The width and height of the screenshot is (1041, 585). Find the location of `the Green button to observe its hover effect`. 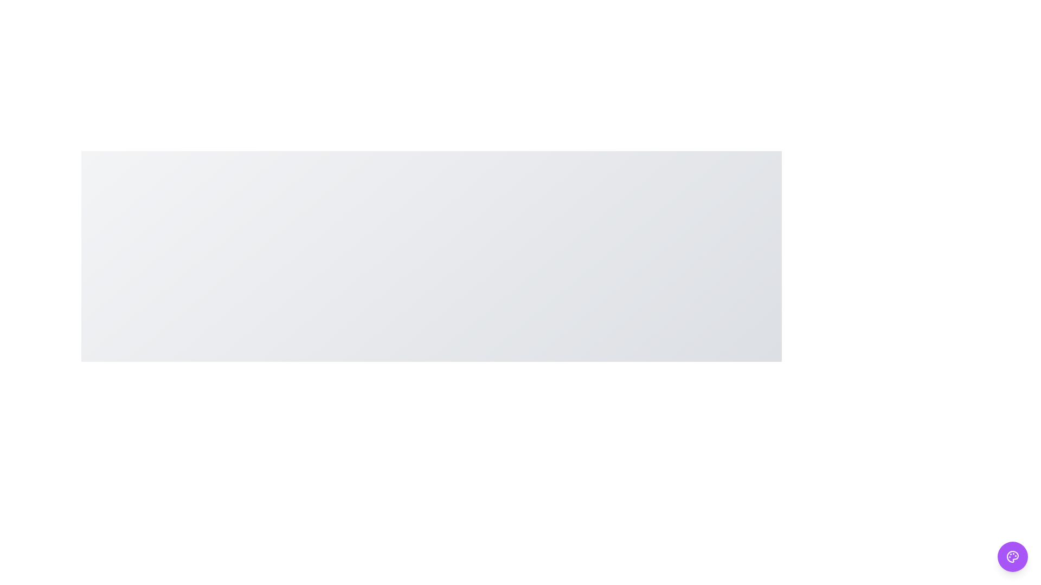

the Green button to observe its hover effect is located at coordinates (722, 580).